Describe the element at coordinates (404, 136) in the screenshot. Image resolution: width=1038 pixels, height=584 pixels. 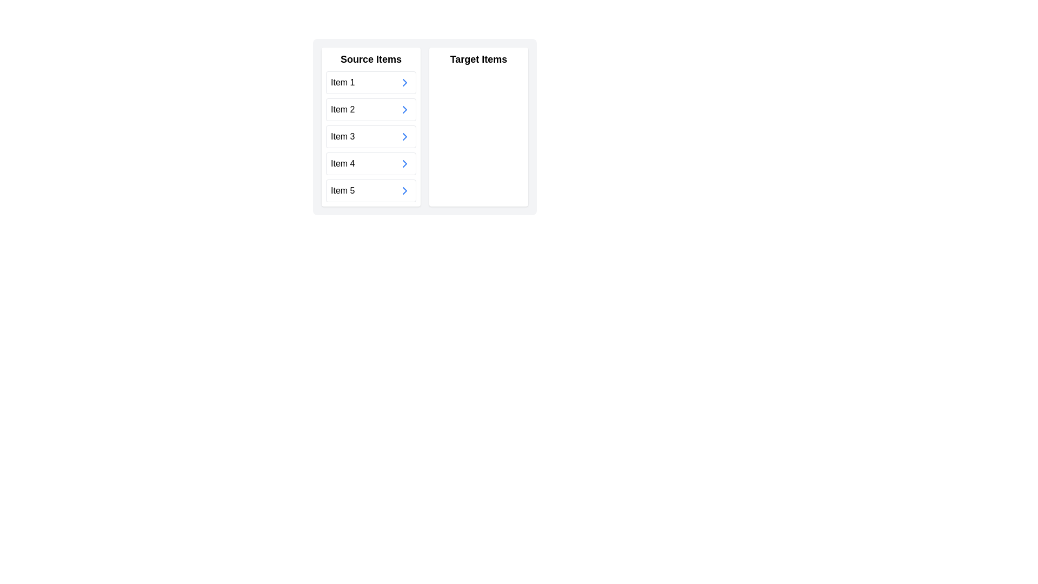
I see `the interactive right arrow icon styled in blue, located next to the text 'Item 3' in the list` at that location.